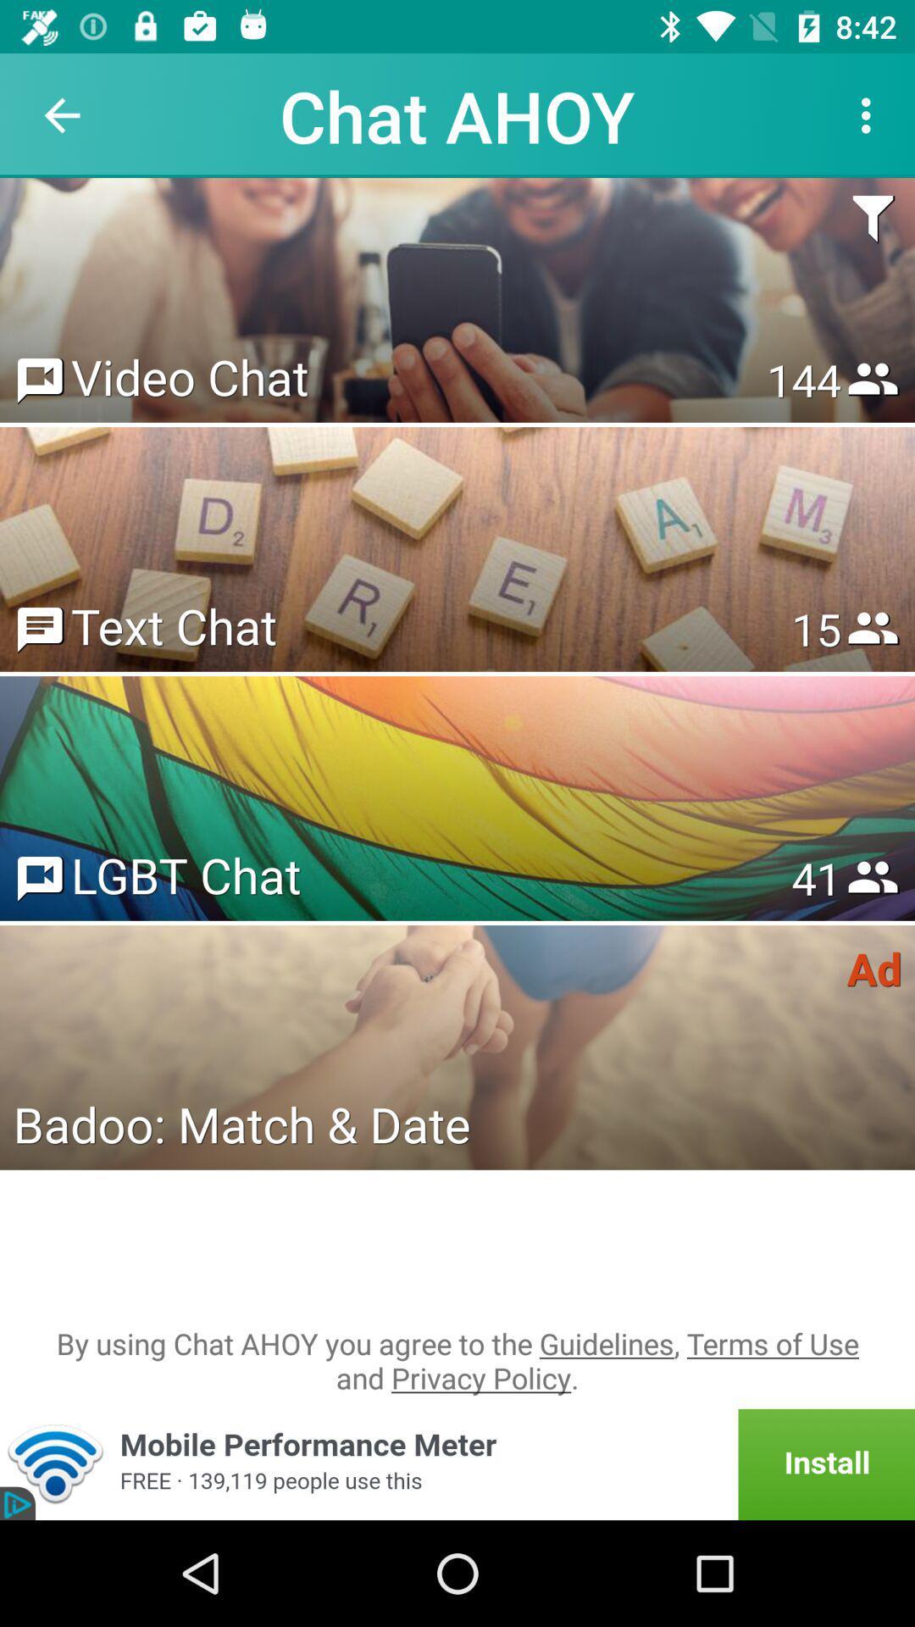 Image resolution: width=915 pixels, height=1627 pixels. What do you see at coordinates (457, 1360) in the screenshot?
I see `by using chat item` at bounding box center [457, 1360].